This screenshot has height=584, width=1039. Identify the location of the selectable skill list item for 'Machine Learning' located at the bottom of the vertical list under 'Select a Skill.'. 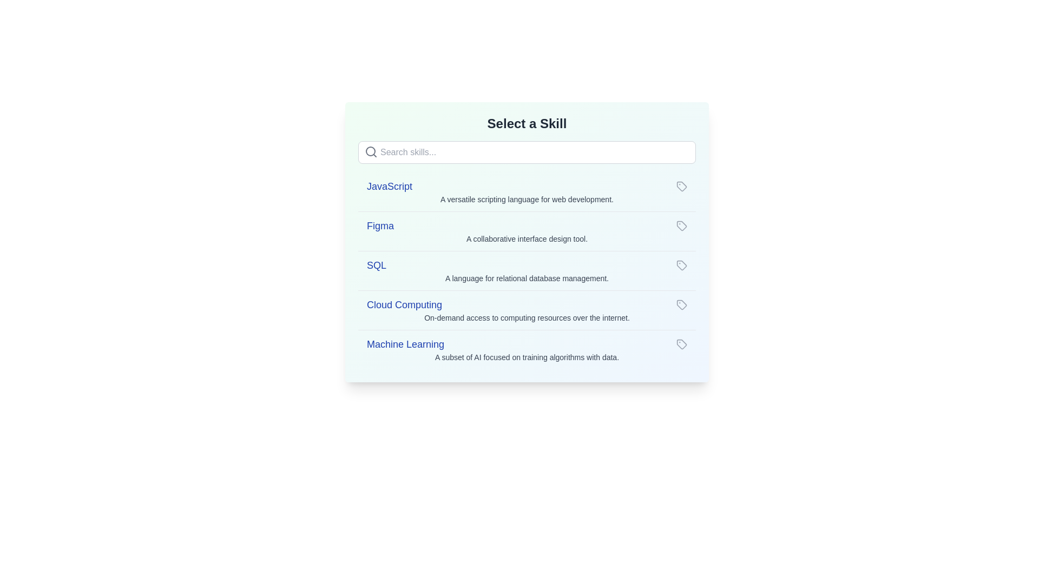
(527, 349).